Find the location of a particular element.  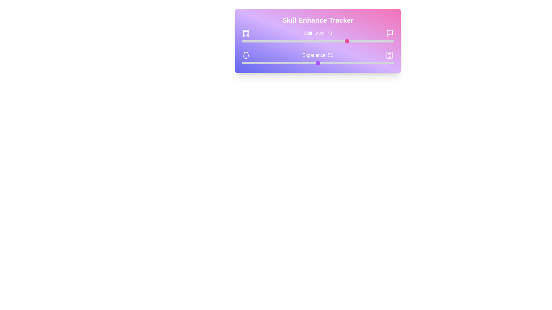

the skill level slider to 89, where 89 is a value between 0 and 100 is located at coordinates (377, 41).